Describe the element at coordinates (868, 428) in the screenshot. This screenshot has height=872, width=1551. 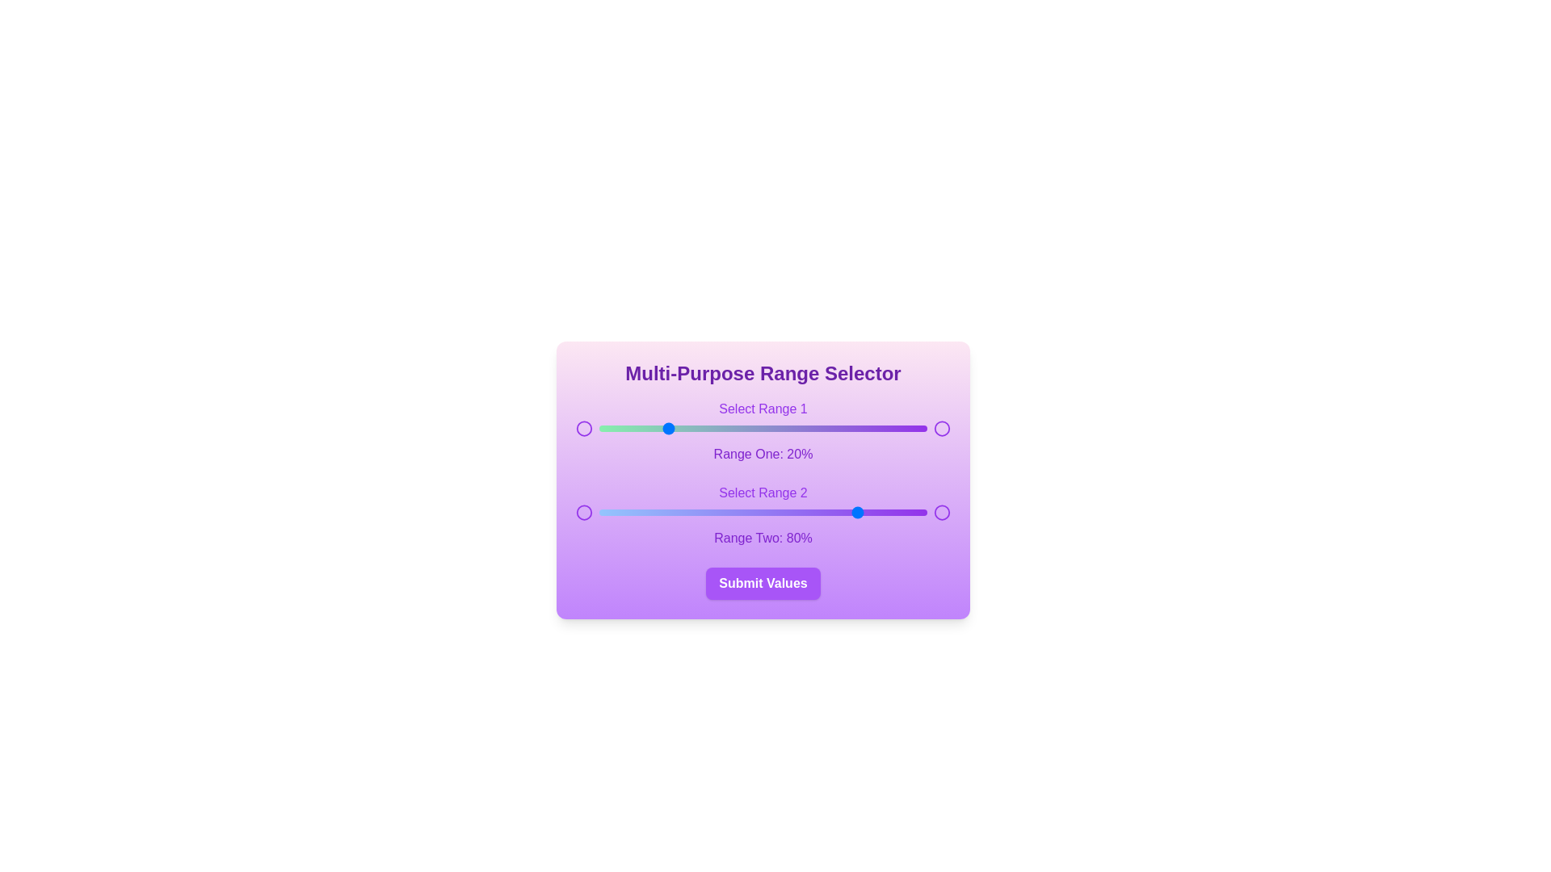
I see `the slider handle to set the value to 82% for the selected range` at that location.